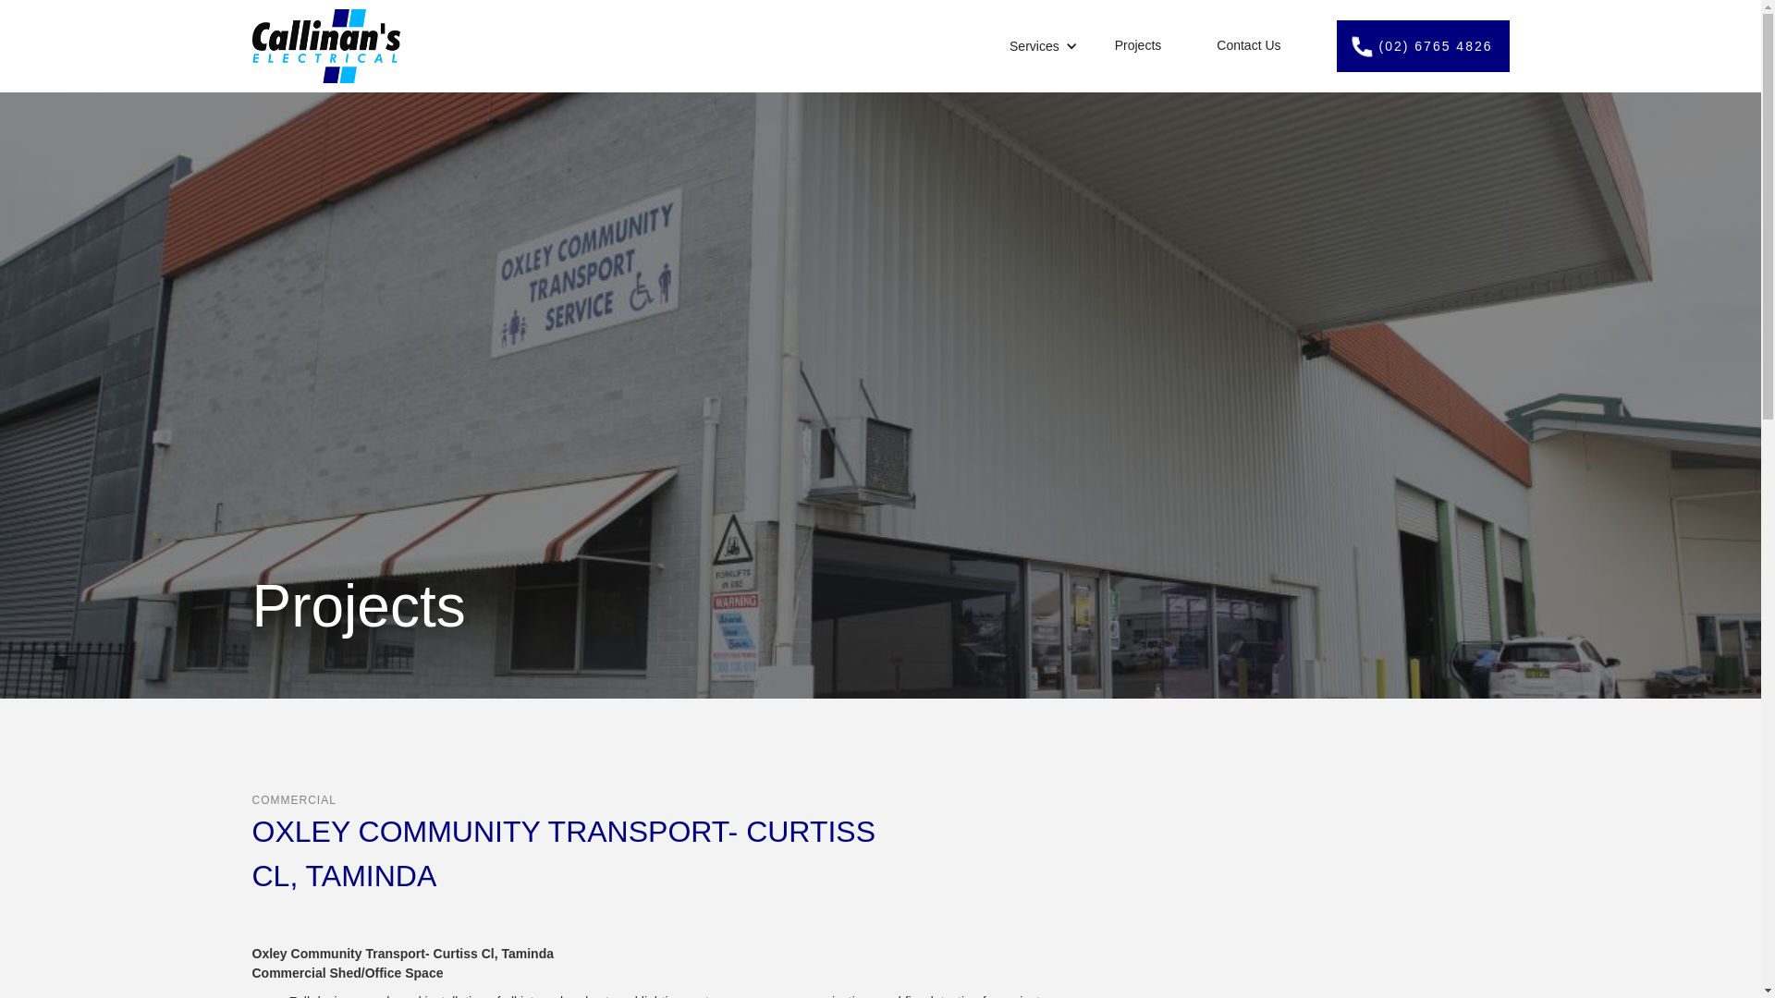 The image size is (1775, 998). I want to click on '(02) 6765 4826', so click(1422, 45).